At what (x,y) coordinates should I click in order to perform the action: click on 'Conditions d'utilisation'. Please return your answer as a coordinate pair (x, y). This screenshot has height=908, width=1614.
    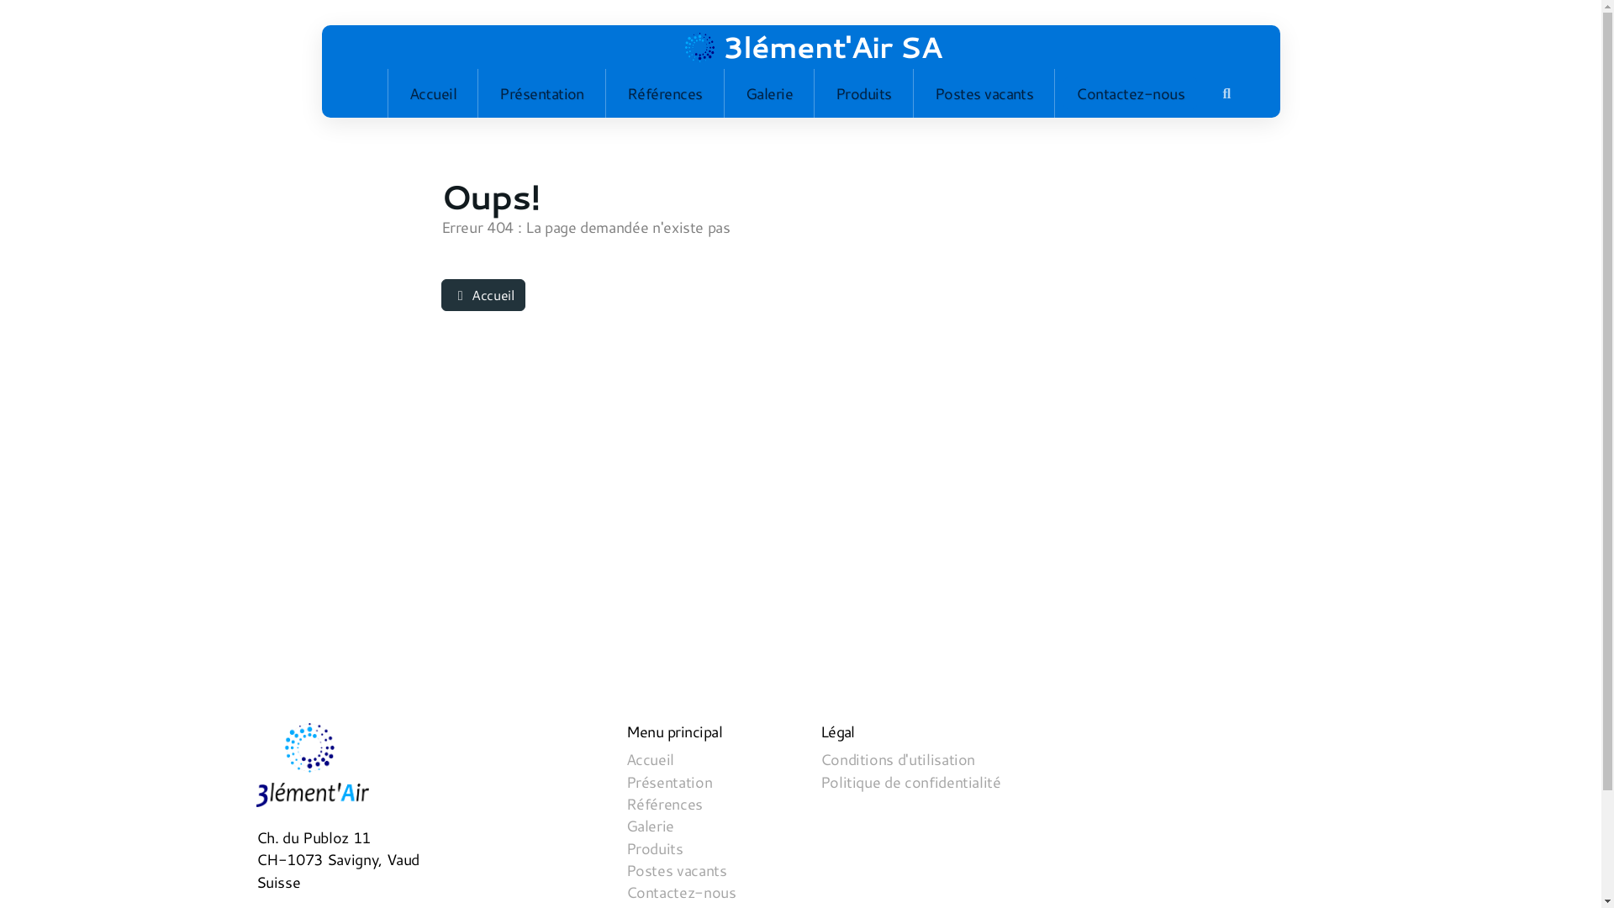
    Looking at the image, I should click on (897, 759).